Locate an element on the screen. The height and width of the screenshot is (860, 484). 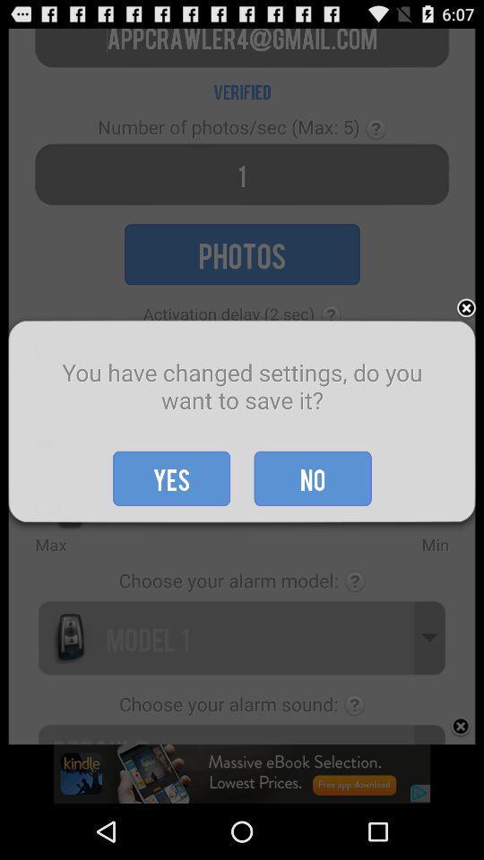
the close icon is located at coordinates (466, 330).